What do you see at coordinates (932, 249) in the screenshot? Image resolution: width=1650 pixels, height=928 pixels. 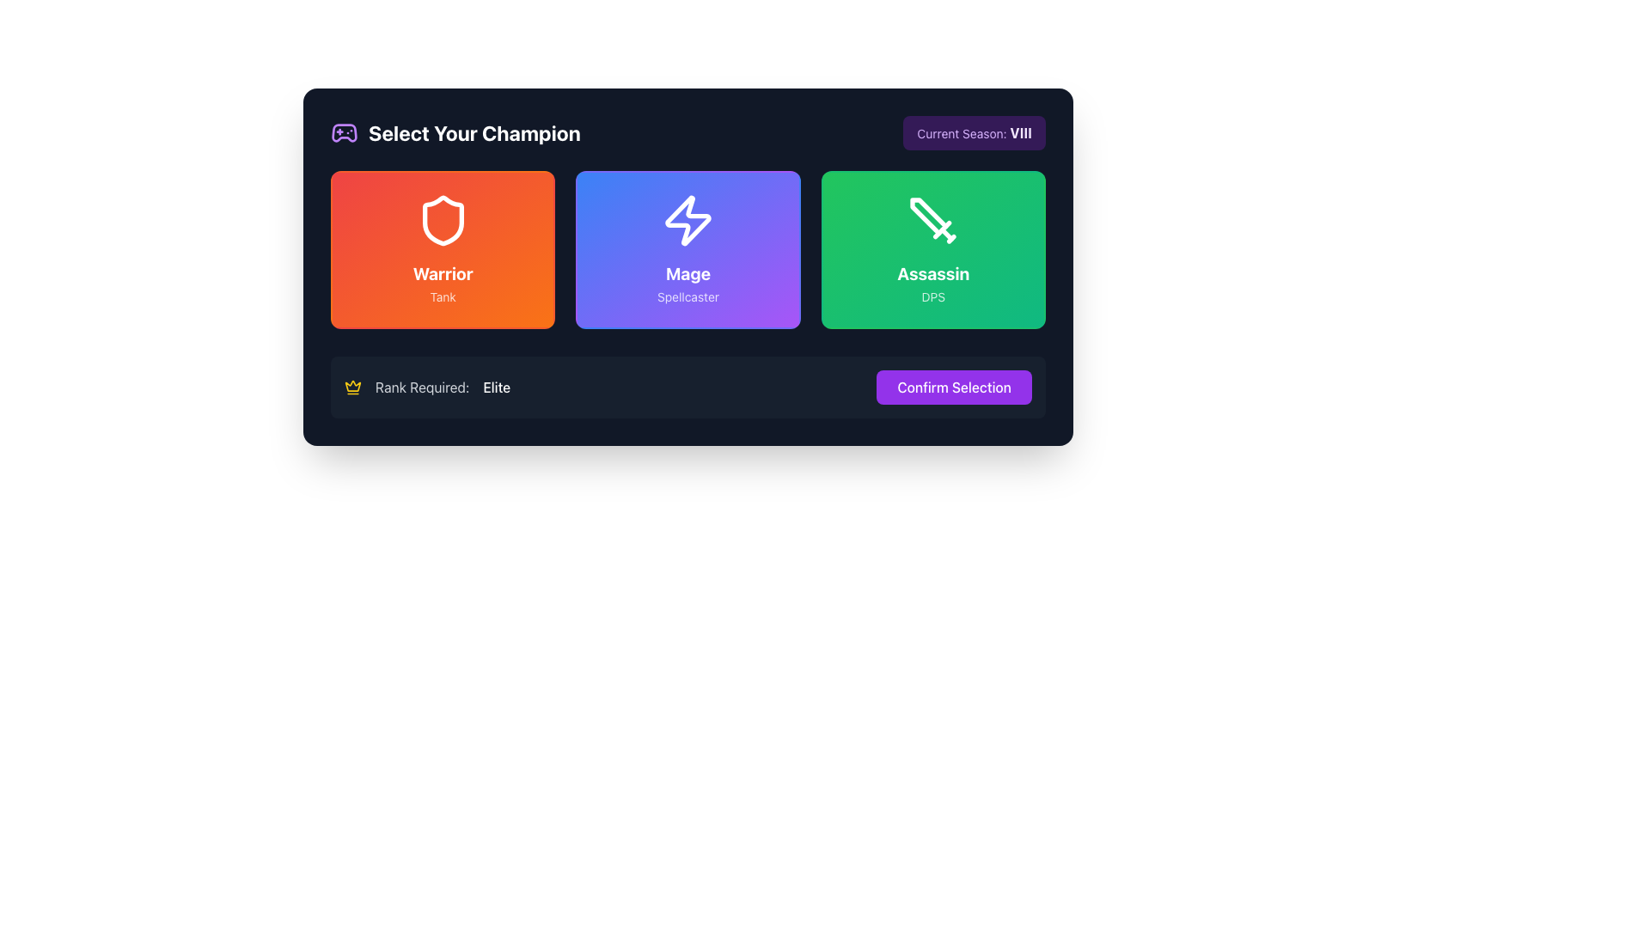 I see `the 'Assassin' champion selection button located in the third column of the grid layout, which provides visual feedback upon selection` at bounding box center [932, 249].